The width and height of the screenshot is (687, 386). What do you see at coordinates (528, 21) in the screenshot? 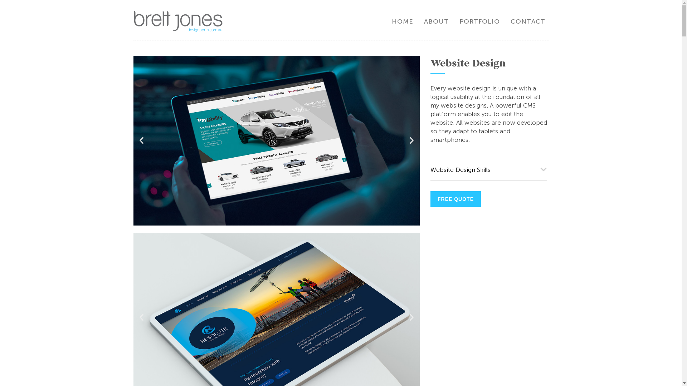
I see `'CONTACT'` at bounding box center [528, 21].